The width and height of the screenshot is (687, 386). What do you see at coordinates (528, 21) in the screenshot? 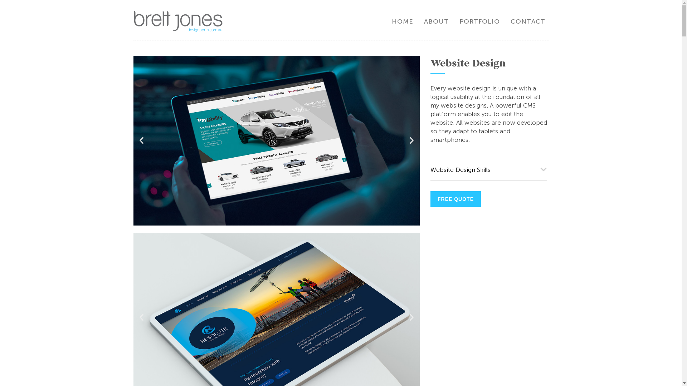
I see `'CONTACT'` at bounding box center [528, 21].